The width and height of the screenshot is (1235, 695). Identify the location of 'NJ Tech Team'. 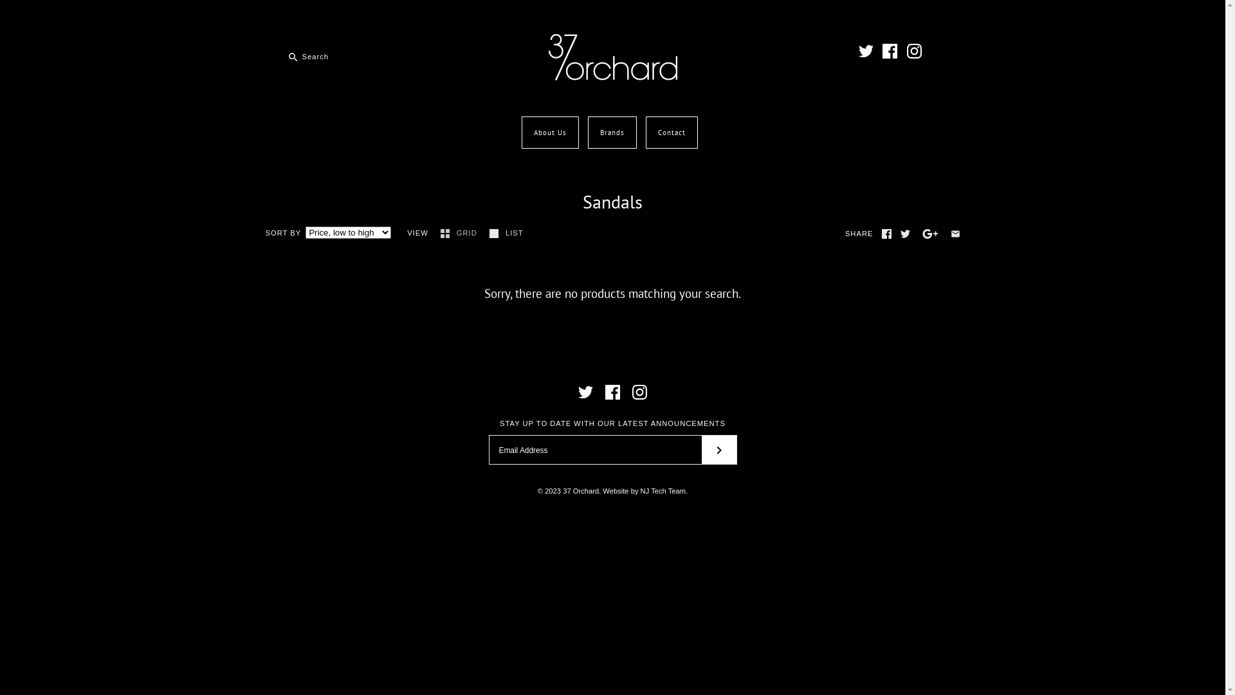
(663, 491).